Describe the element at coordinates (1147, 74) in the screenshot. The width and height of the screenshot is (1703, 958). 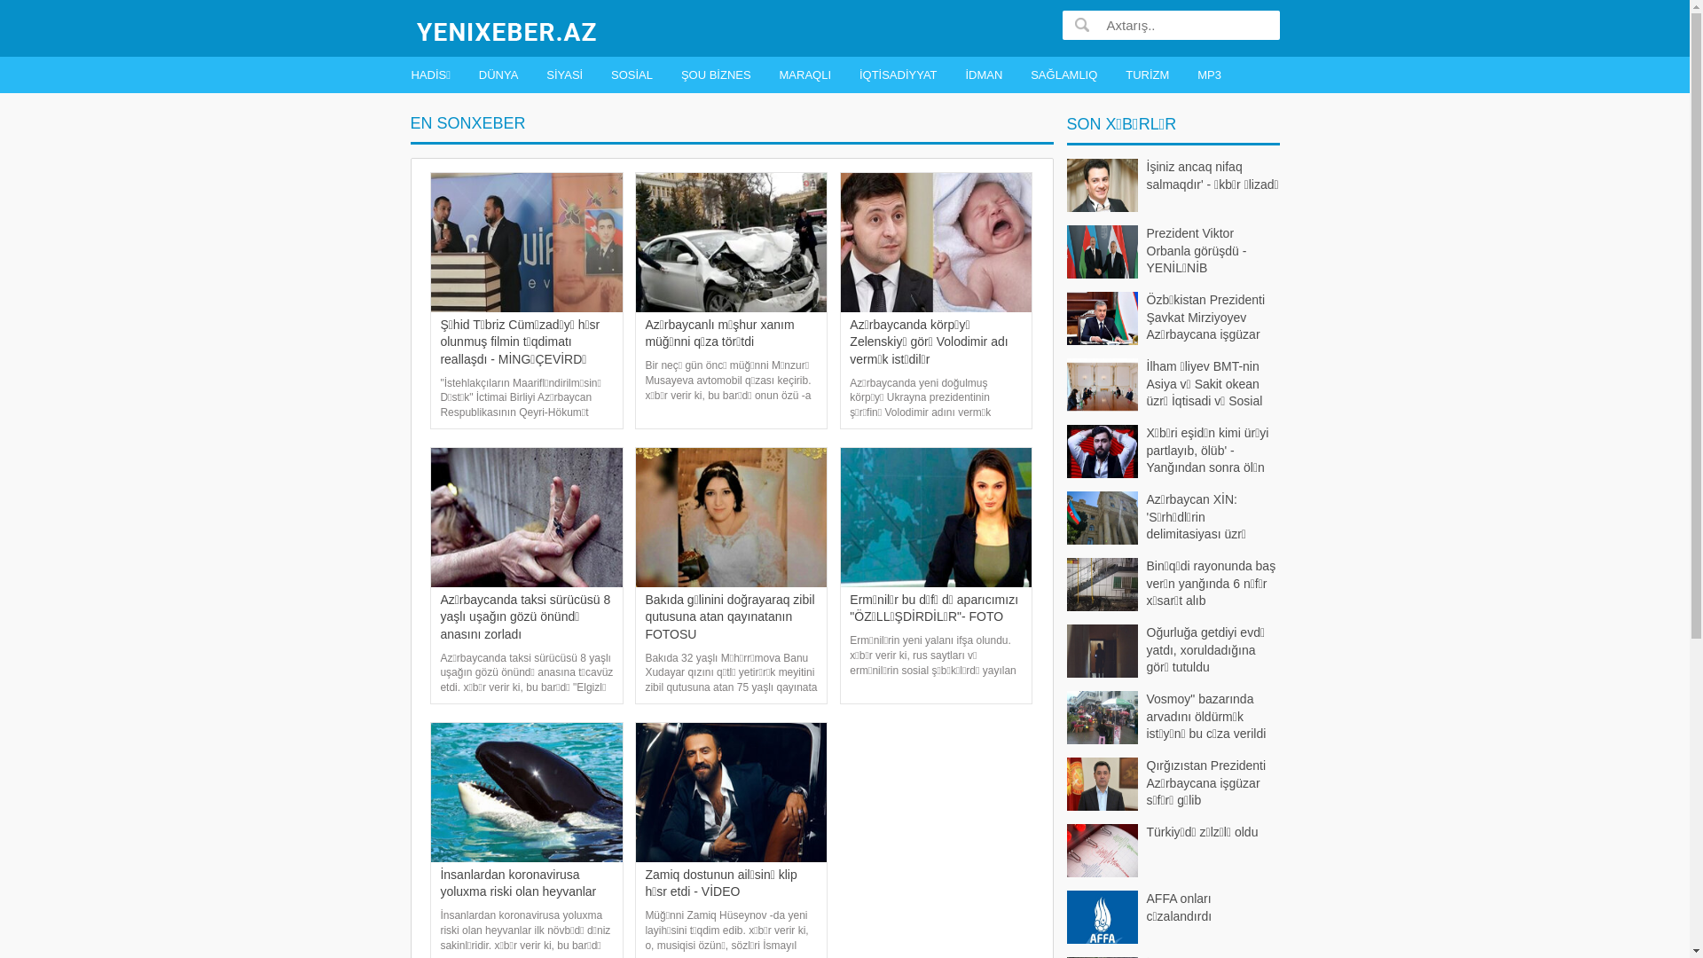
I see `'TURIZM'` at that location.